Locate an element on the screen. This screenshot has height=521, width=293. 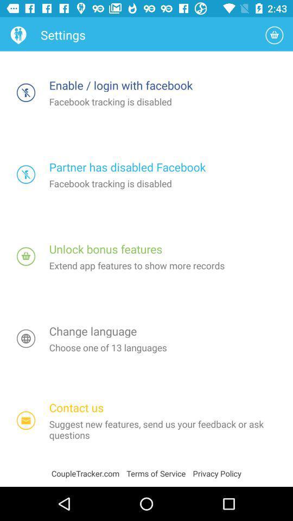
contacts is located at coordinates (26, 420).